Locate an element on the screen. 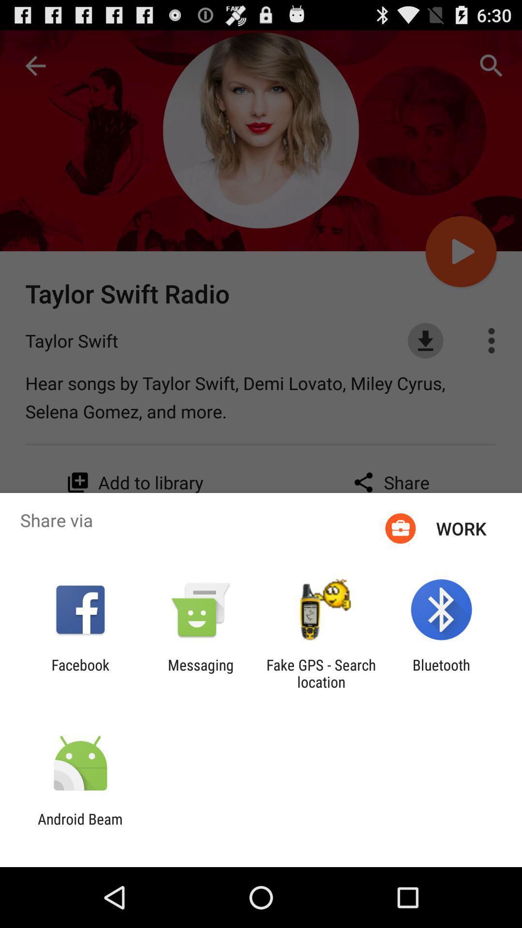 The width and height of the screenshot is (522, 928). fake gps search is located at coordinates (321, 673).